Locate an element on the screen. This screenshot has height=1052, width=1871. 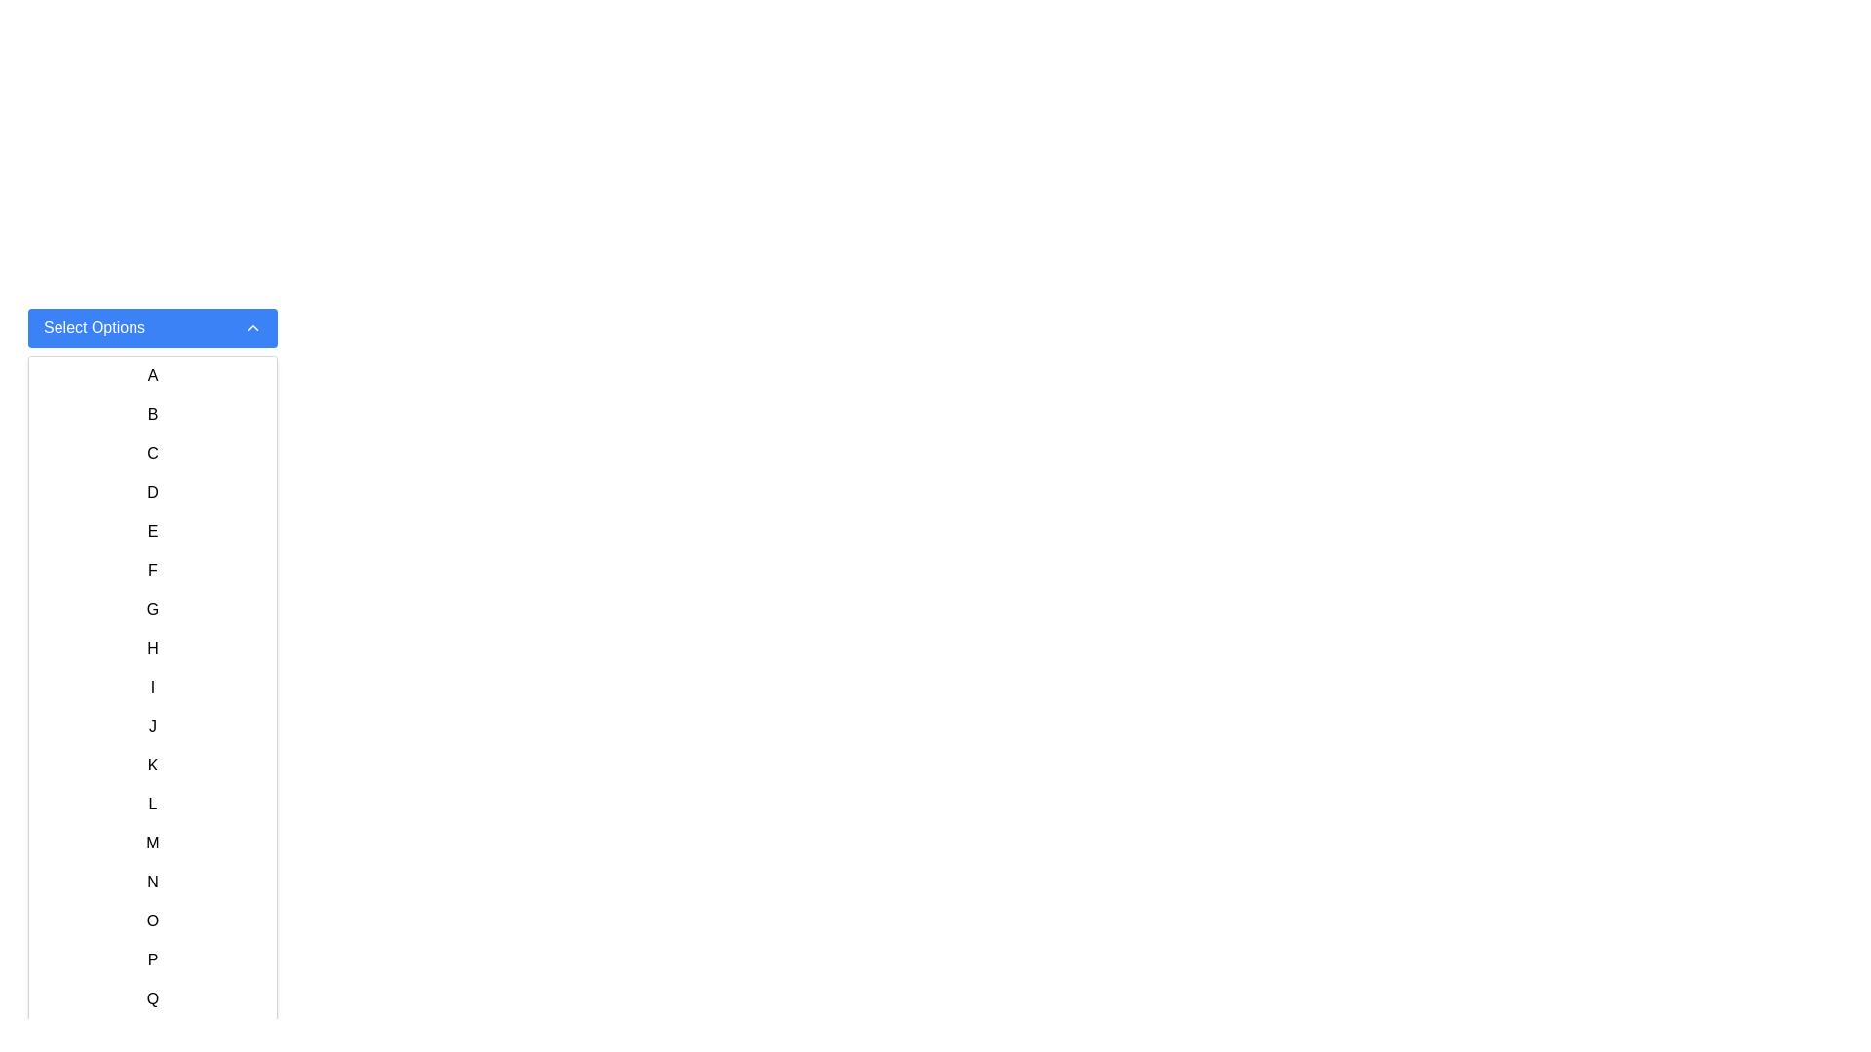
the ninth item in the dropdown menu is located at coordinates (152, 686).